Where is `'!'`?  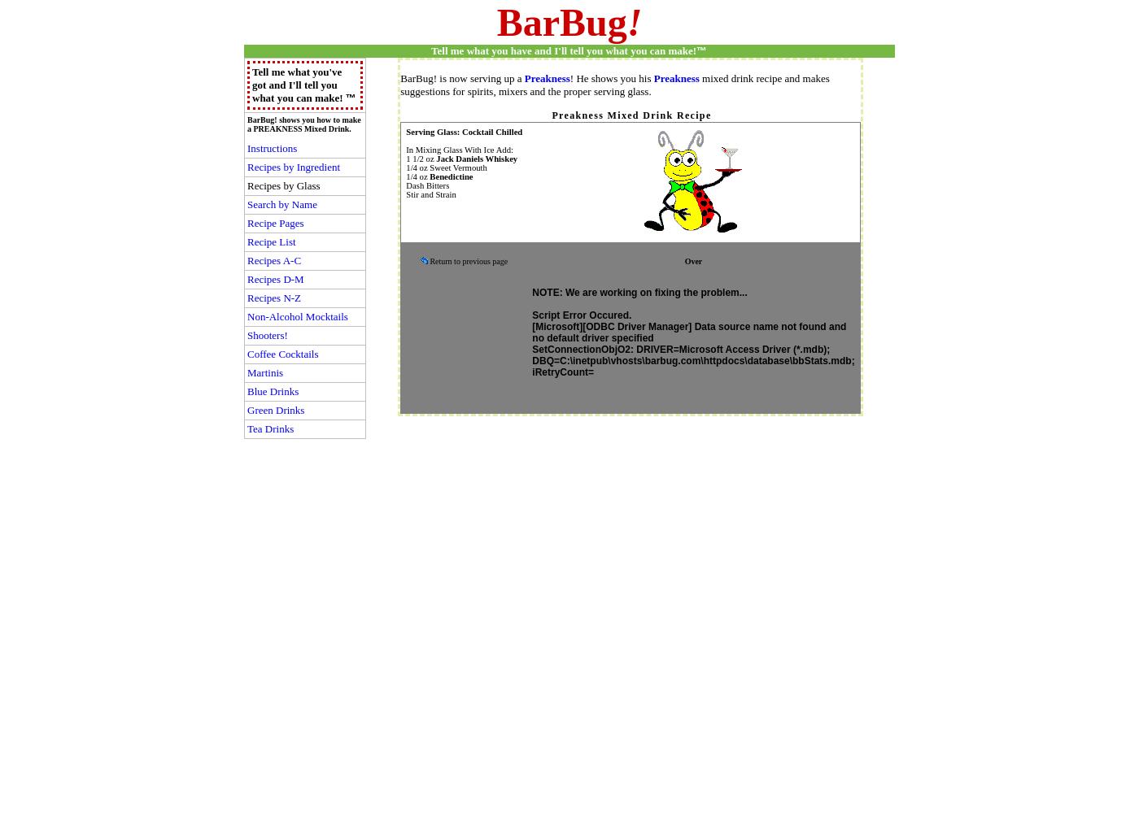 '!' is located at coordinates (633, 22).